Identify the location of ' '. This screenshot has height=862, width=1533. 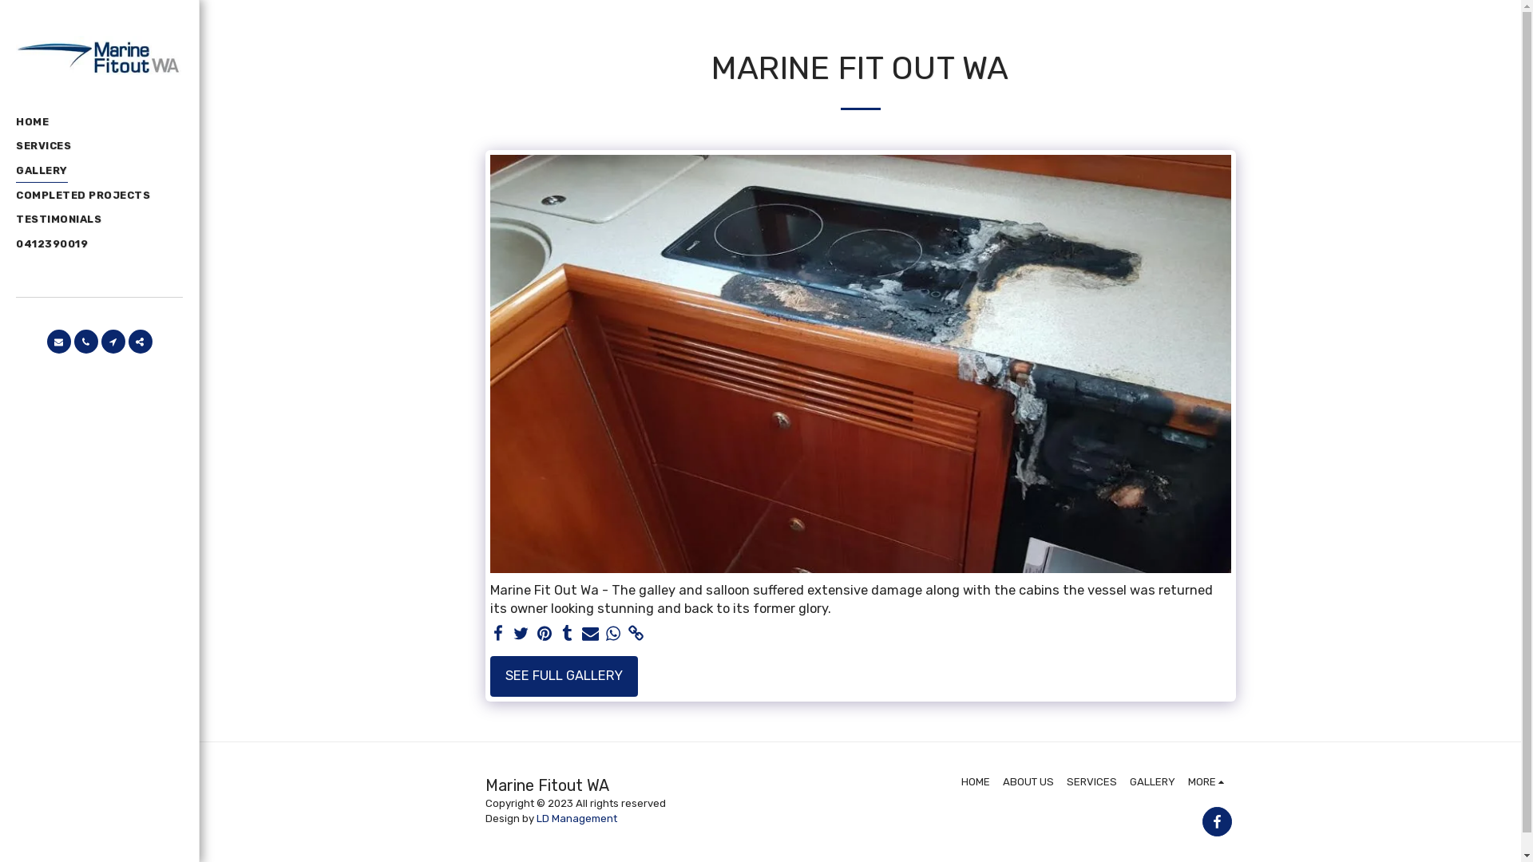
(513, 633).